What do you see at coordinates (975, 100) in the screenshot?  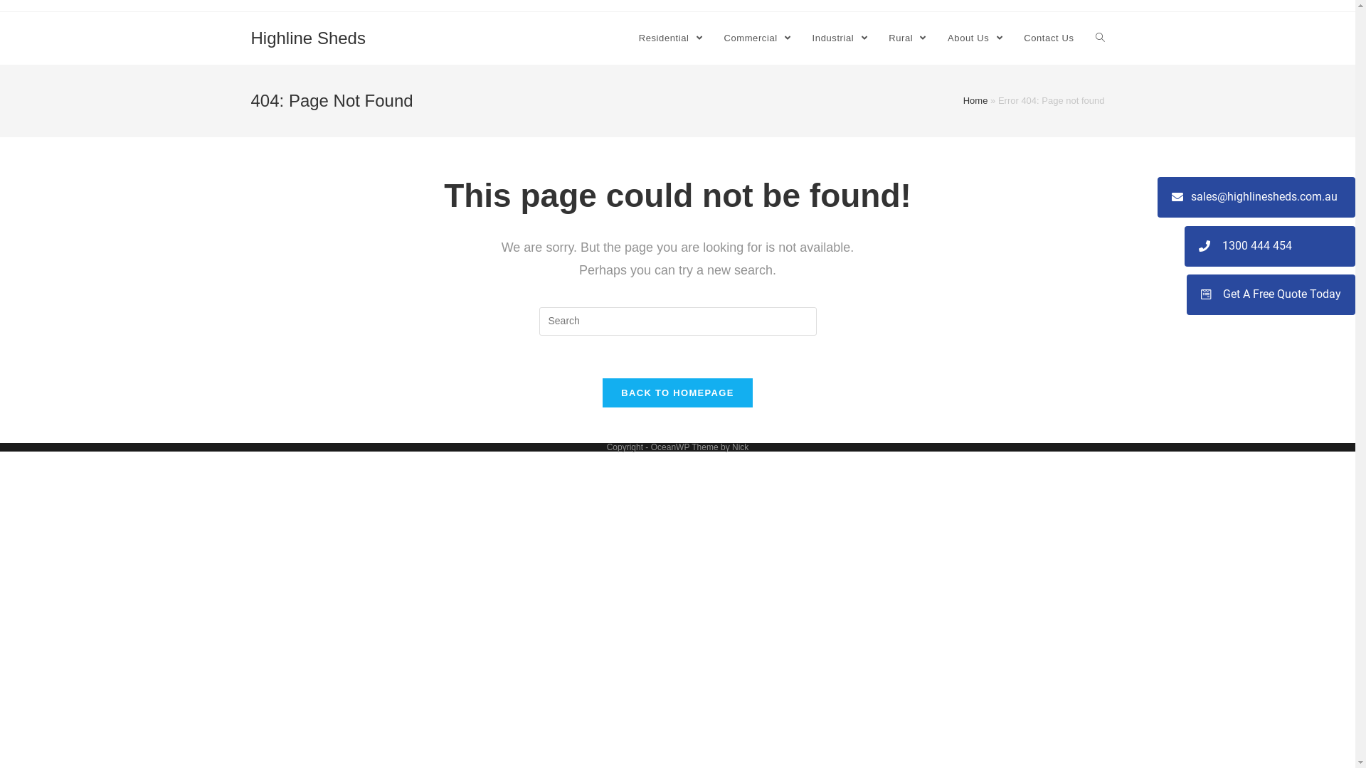 I see `'Home'` at bounding box center [975, 100].